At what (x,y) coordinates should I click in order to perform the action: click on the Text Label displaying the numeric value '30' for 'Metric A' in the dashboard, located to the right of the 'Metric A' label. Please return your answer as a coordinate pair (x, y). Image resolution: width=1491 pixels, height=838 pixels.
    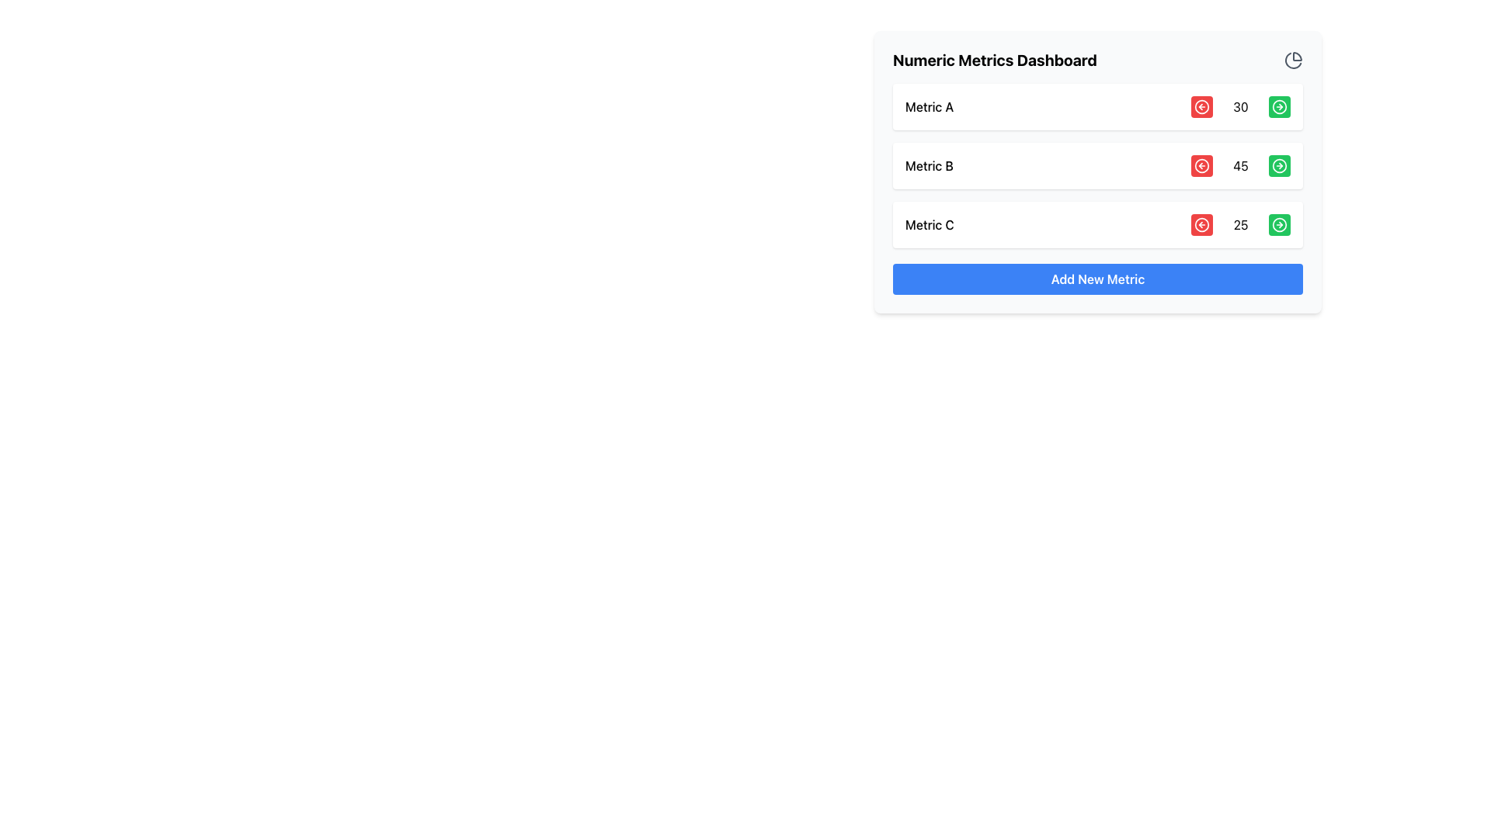
    Looking at the image, I should click on (1240, 106).